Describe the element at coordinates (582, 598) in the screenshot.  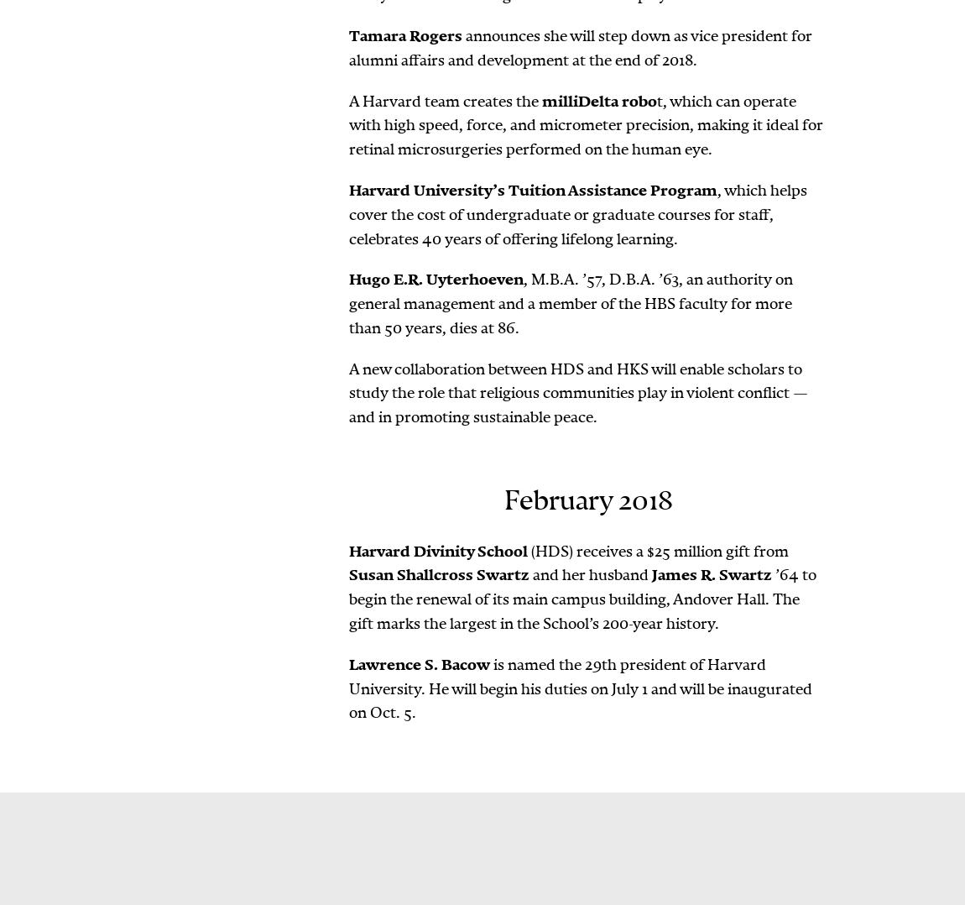
I see `'’64 to begin the renewal of its main campus building, Andover Hall. The gift marks the largest in the School’s 200-year history.'` at that location.